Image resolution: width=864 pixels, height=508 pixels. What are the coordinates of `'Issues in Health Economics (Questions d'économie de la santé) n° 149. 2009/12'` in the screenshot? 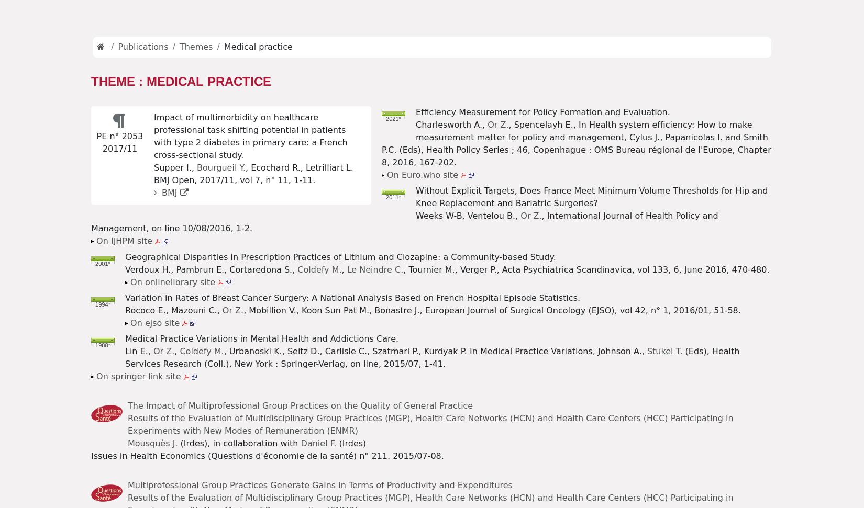 It's located at (295, 54).